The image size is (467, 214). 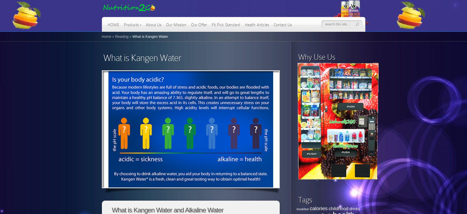 I want to click on 'Products', so click(x=123, y=25).